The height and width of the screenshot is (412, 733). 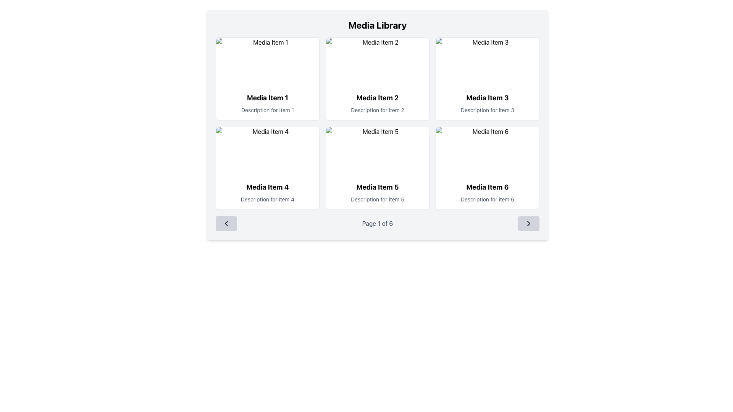 What do you see at coordinates (528, 223) in the screenshot?
I see `the navigation button located in the bottom right corner next to 'Page 1 of 6' to slightly darken its background` at bounding box center [528, 223].